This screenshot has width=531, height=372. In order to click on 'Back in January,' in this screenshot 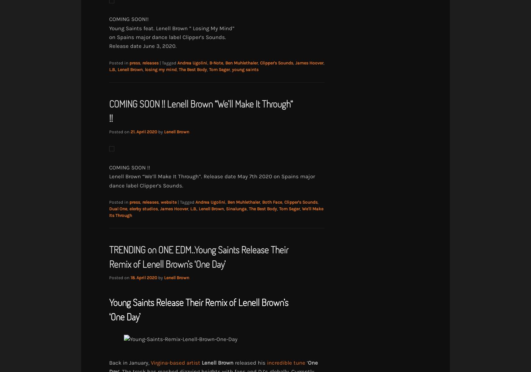, I will do `click(130, 362)`.